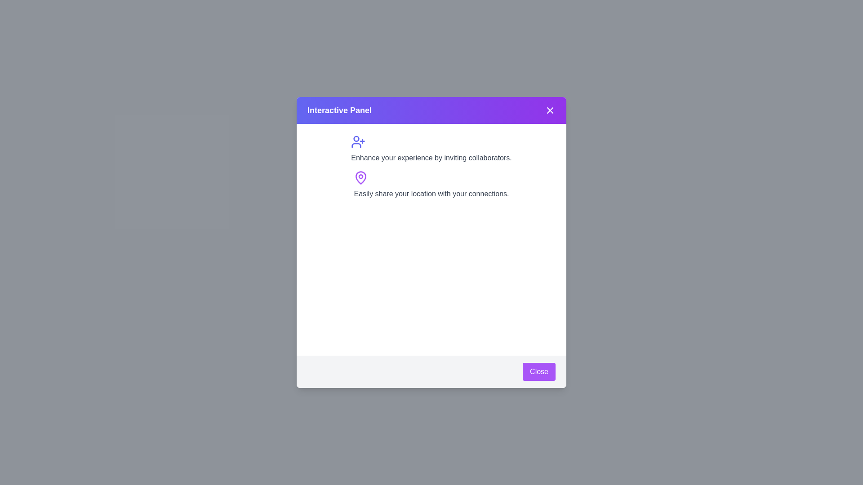 The width and height of the screenshot is (863, 485). Describe the element at coordinates (356, 139) in the screenshot. I see `the 'user-plus' icon located in the top-left quadrant of the avatar's outline within the modal dialog titled 'Interactive Panel'` at that location.